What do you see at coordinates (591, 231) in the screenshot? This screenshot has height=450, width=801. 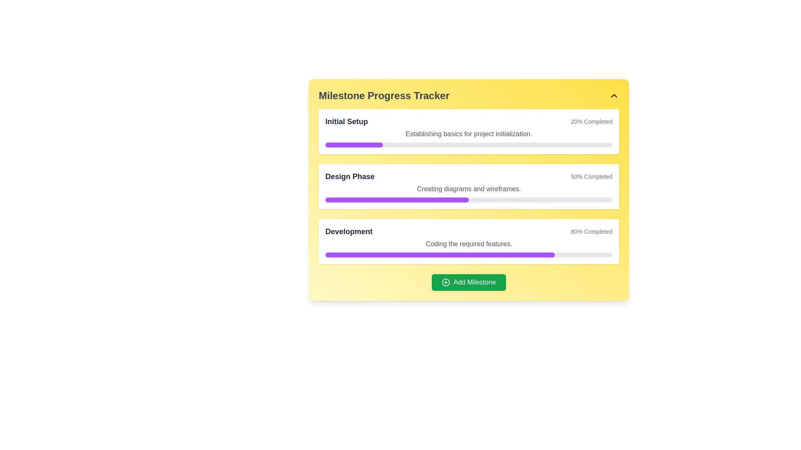 I see `the progress percentage label in the 'Development' section of the milestone tracker located within the yellow box` at bounding box center [591, 231].